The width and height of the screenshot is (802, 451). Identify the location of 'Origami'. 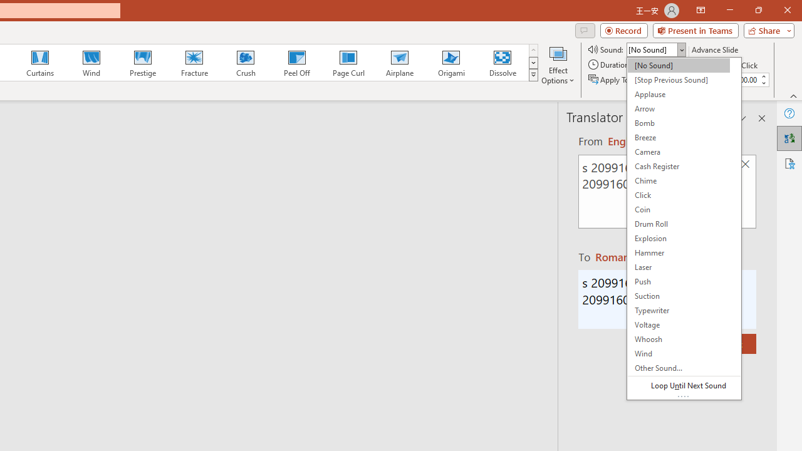
(451, 63).